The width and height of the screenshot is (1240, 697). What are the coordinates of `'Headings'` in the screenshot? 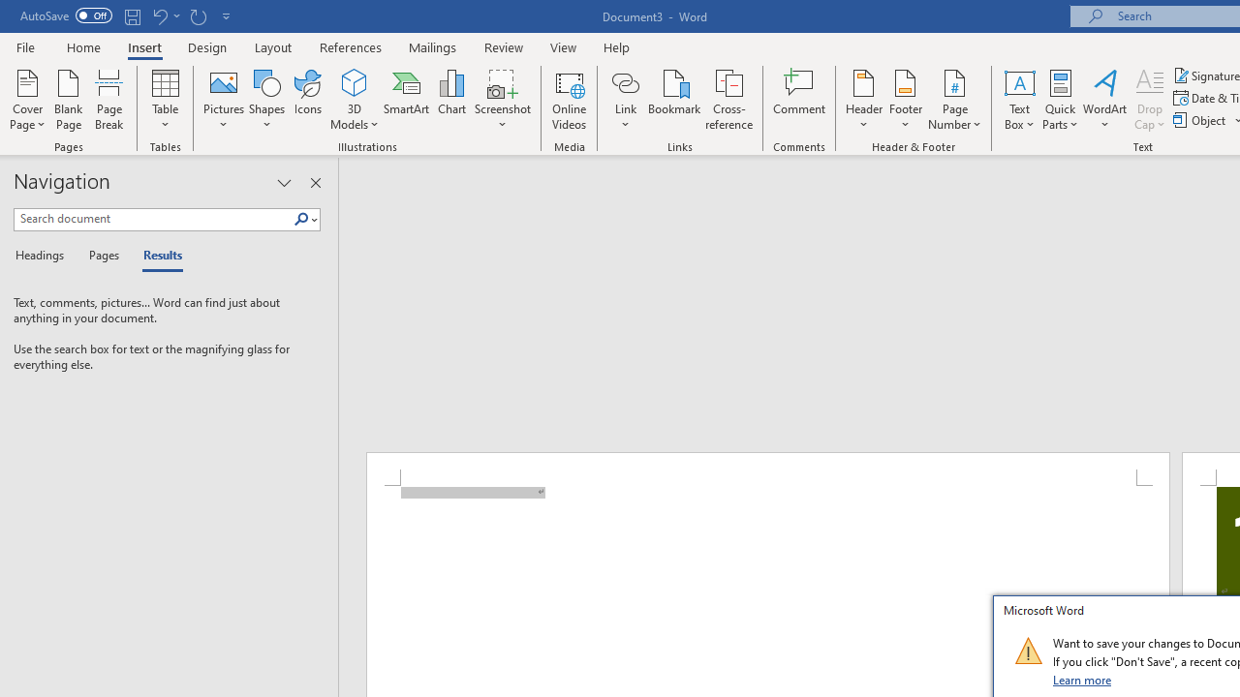 It's located at (44, 256).